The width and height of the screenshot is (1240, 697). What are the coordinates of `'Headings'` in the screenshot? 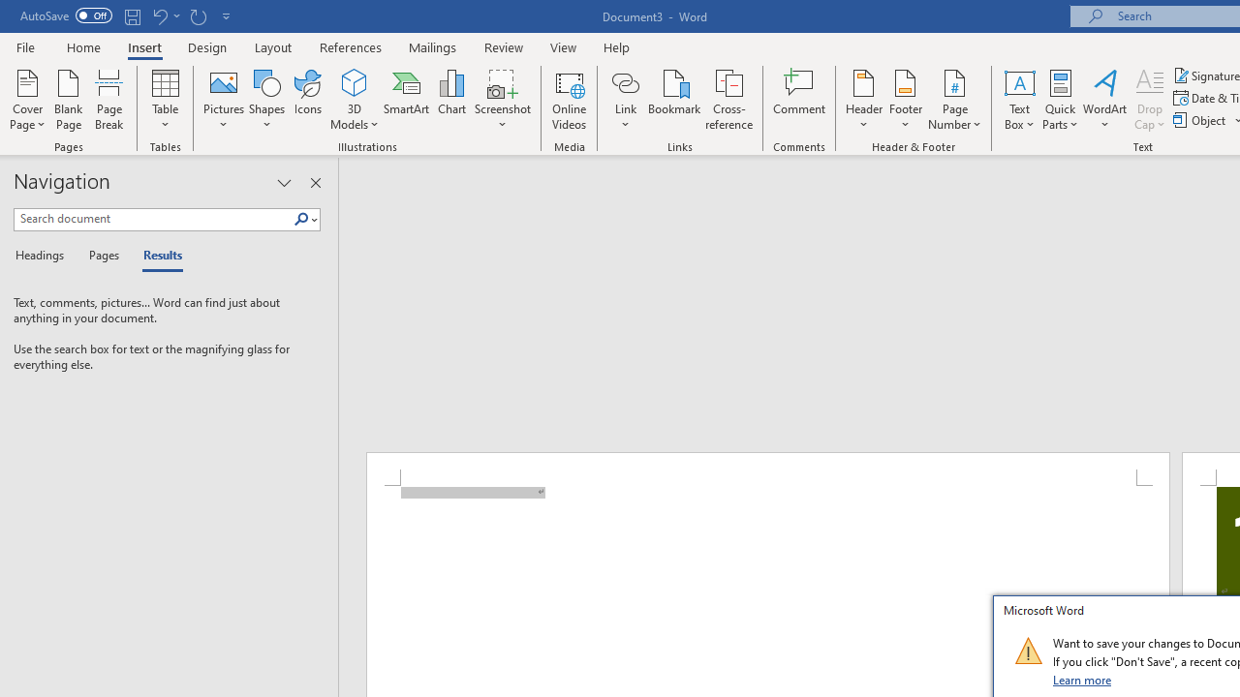 It's located at (44, 256).